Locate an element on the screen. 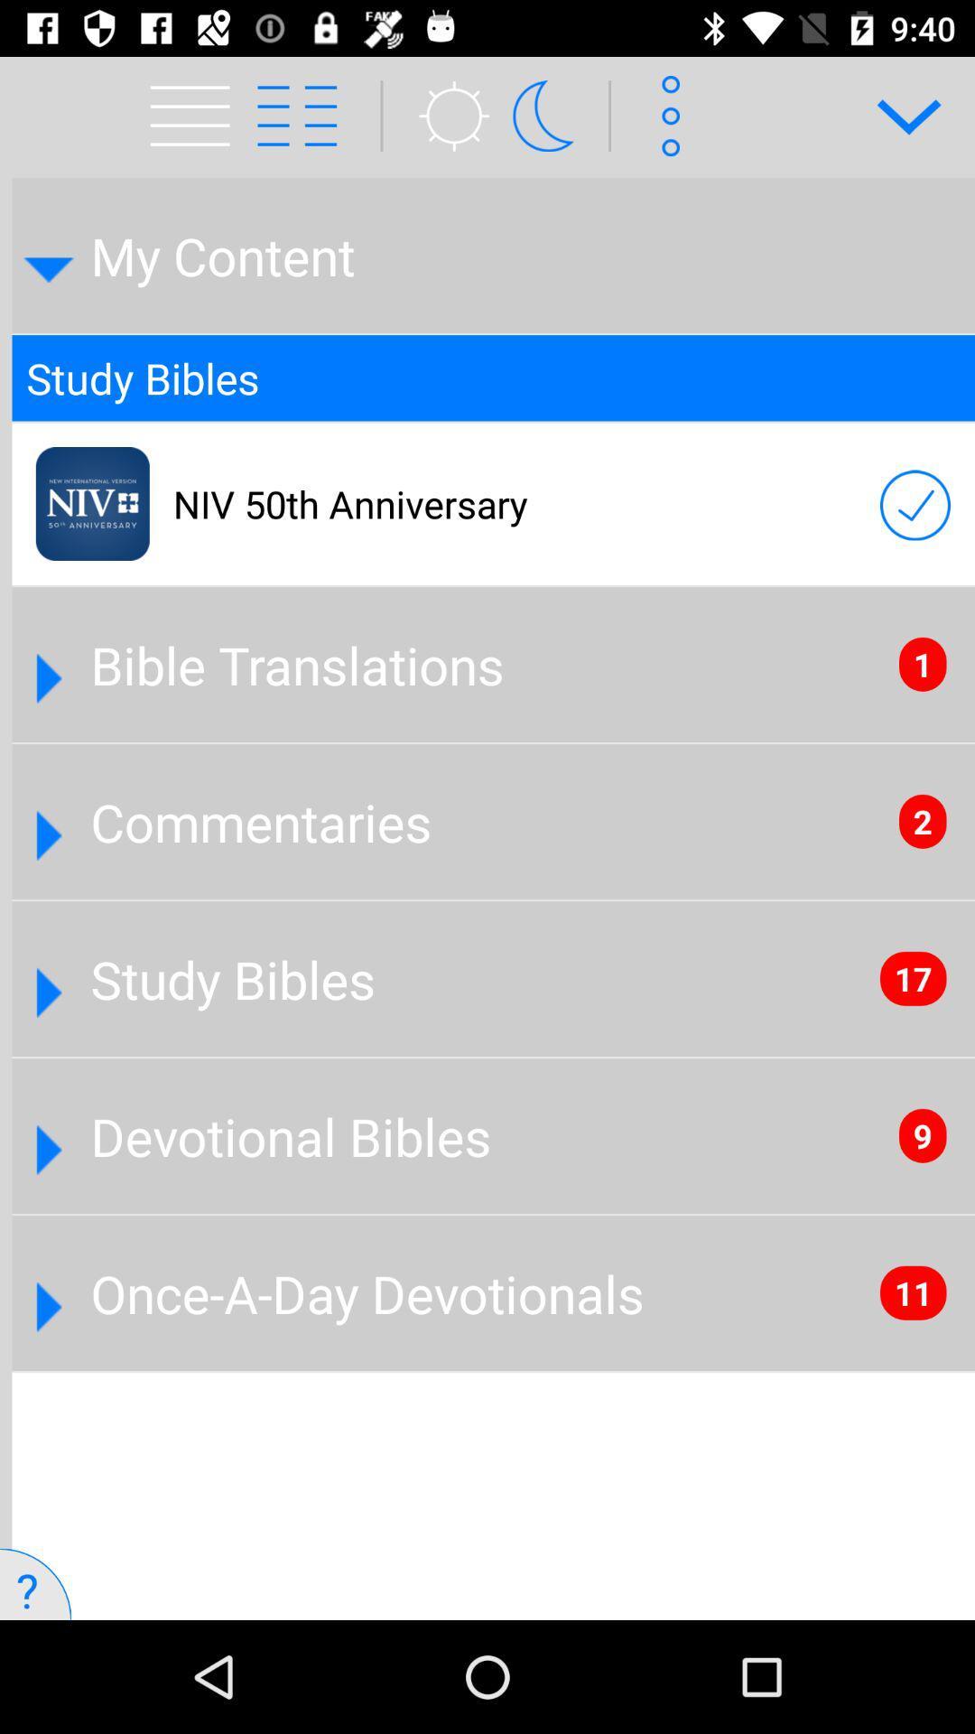  the menu icon is located at coordinates (314, 115).